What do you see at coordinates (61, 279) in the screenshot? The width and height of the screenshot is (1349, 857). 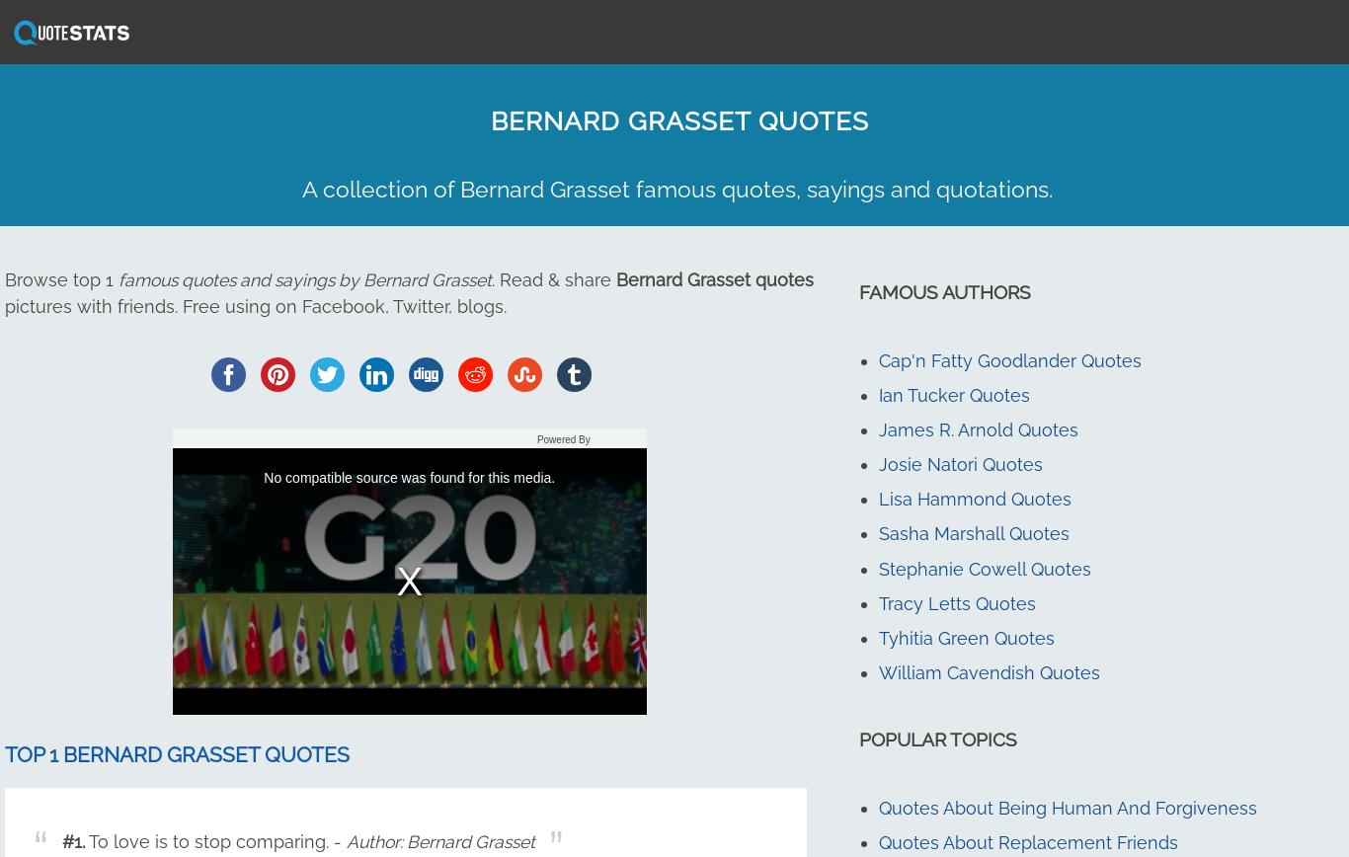 I see `'Browse top 1'` at bounding box center [61, 279].